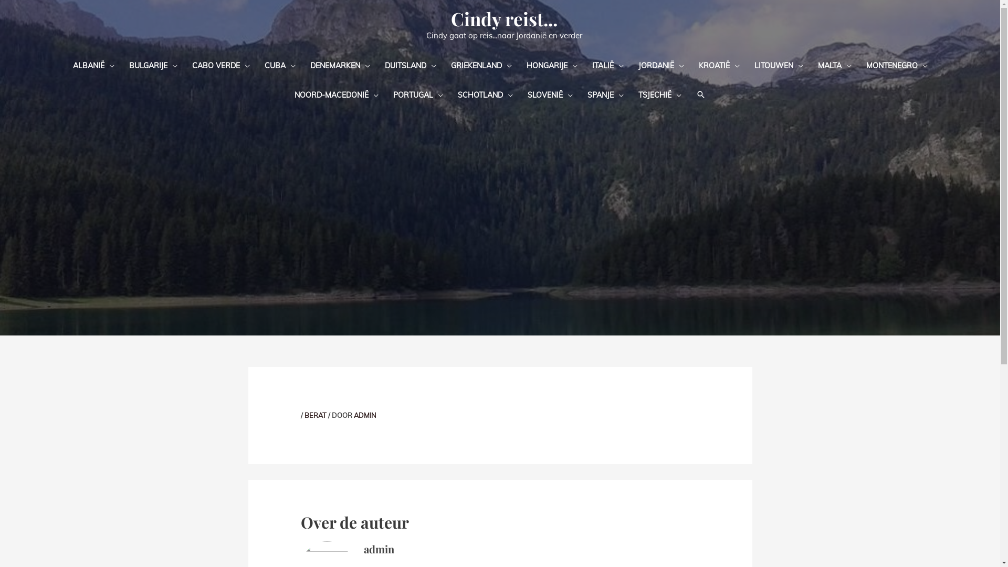  I want to click on 'ADMIN', so click(353, 414).